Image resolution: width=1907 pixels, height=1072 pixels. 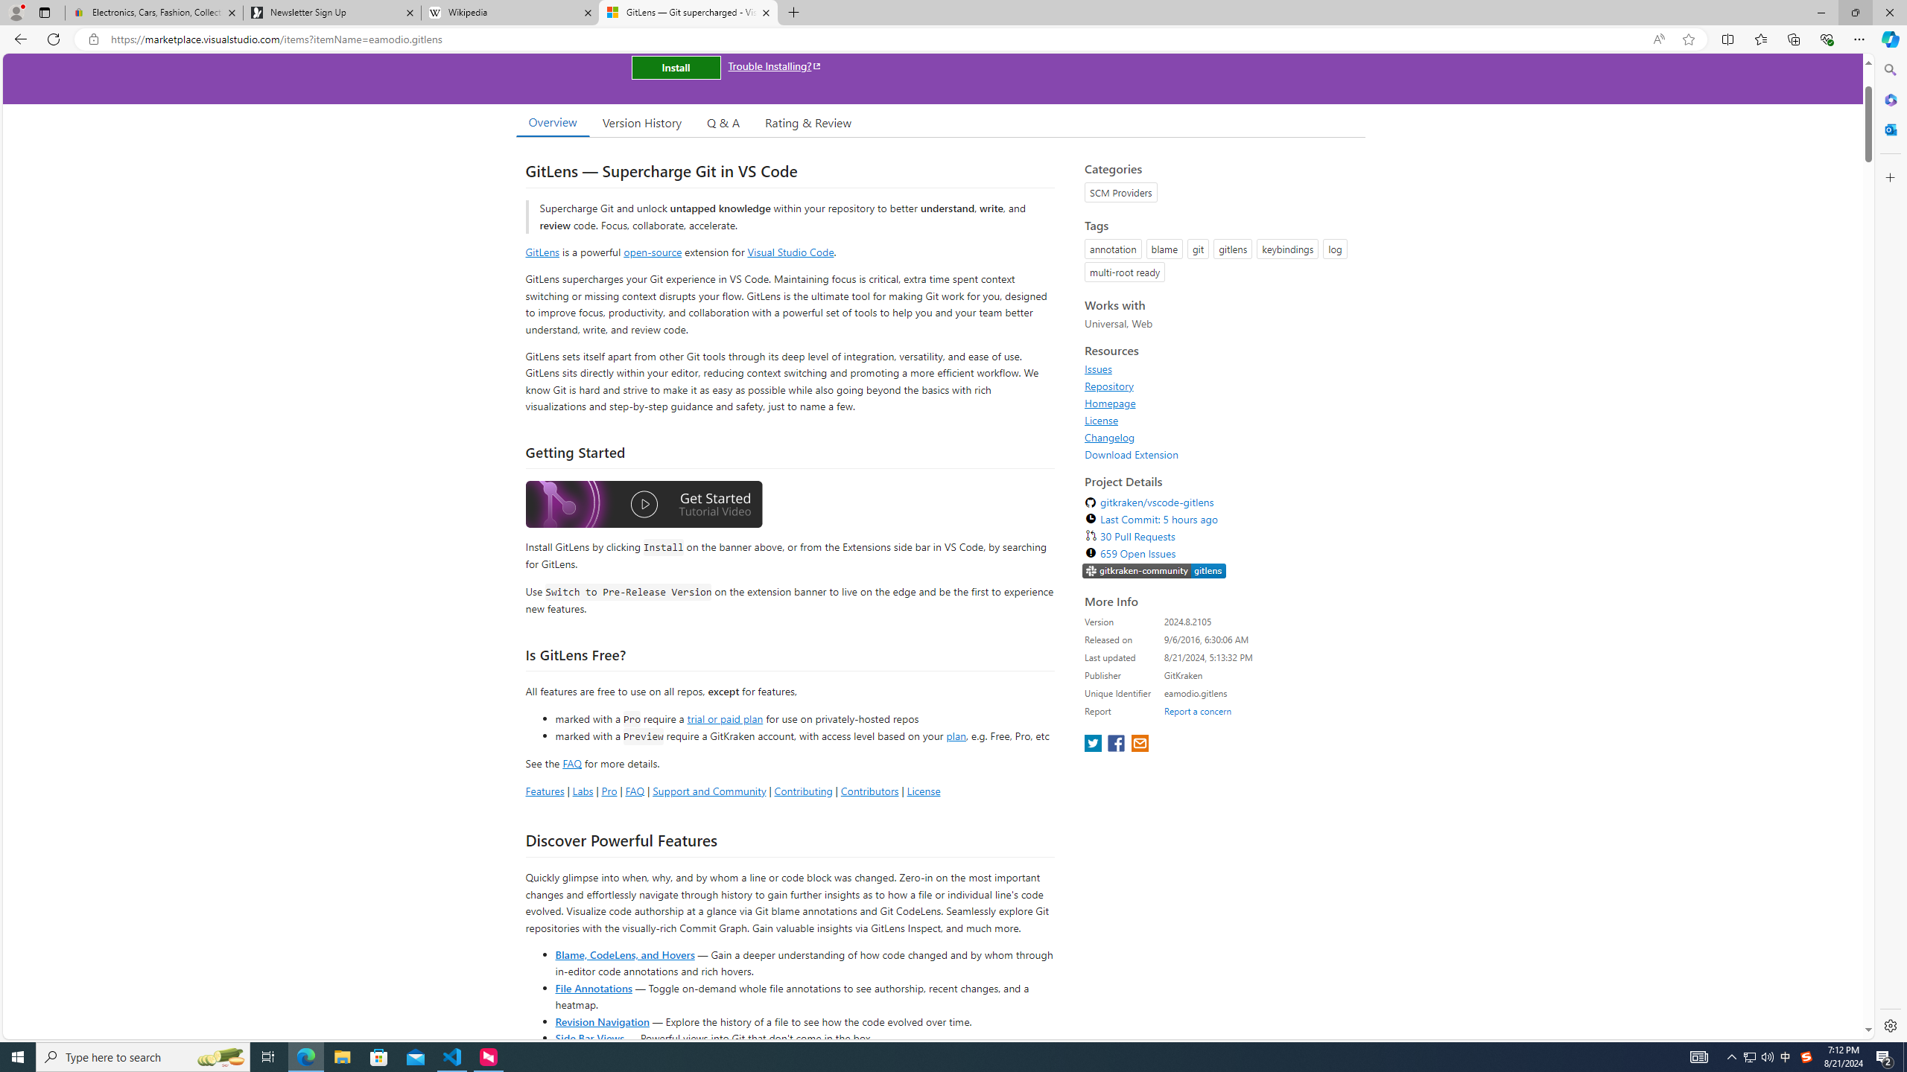 What do you see at coordinates (1094, 744) in the screenshot?
I see `'share extension on twitter'` at bounding box center [1094, 744].